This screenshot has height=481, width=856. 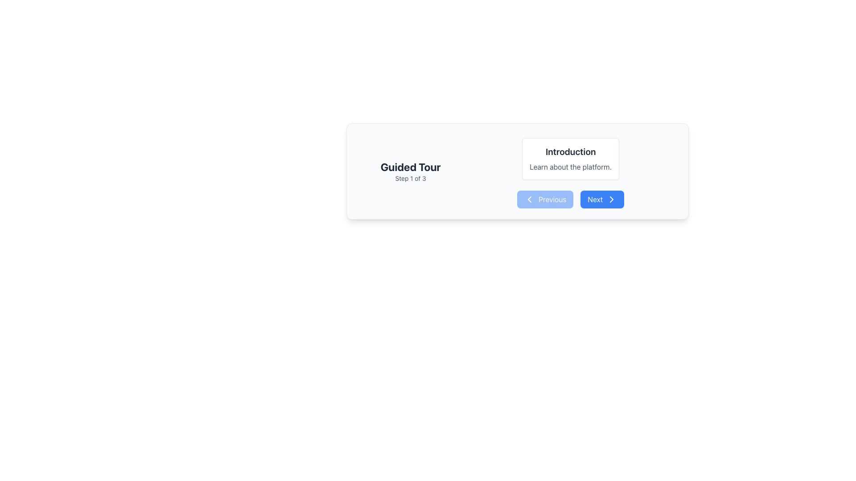 I want to click on the Text Label that indicates the current step in the Guided Tour process, located beneath the headline 'Guided Tour' in the center-left area of the interface, so click(x=410, y=179).